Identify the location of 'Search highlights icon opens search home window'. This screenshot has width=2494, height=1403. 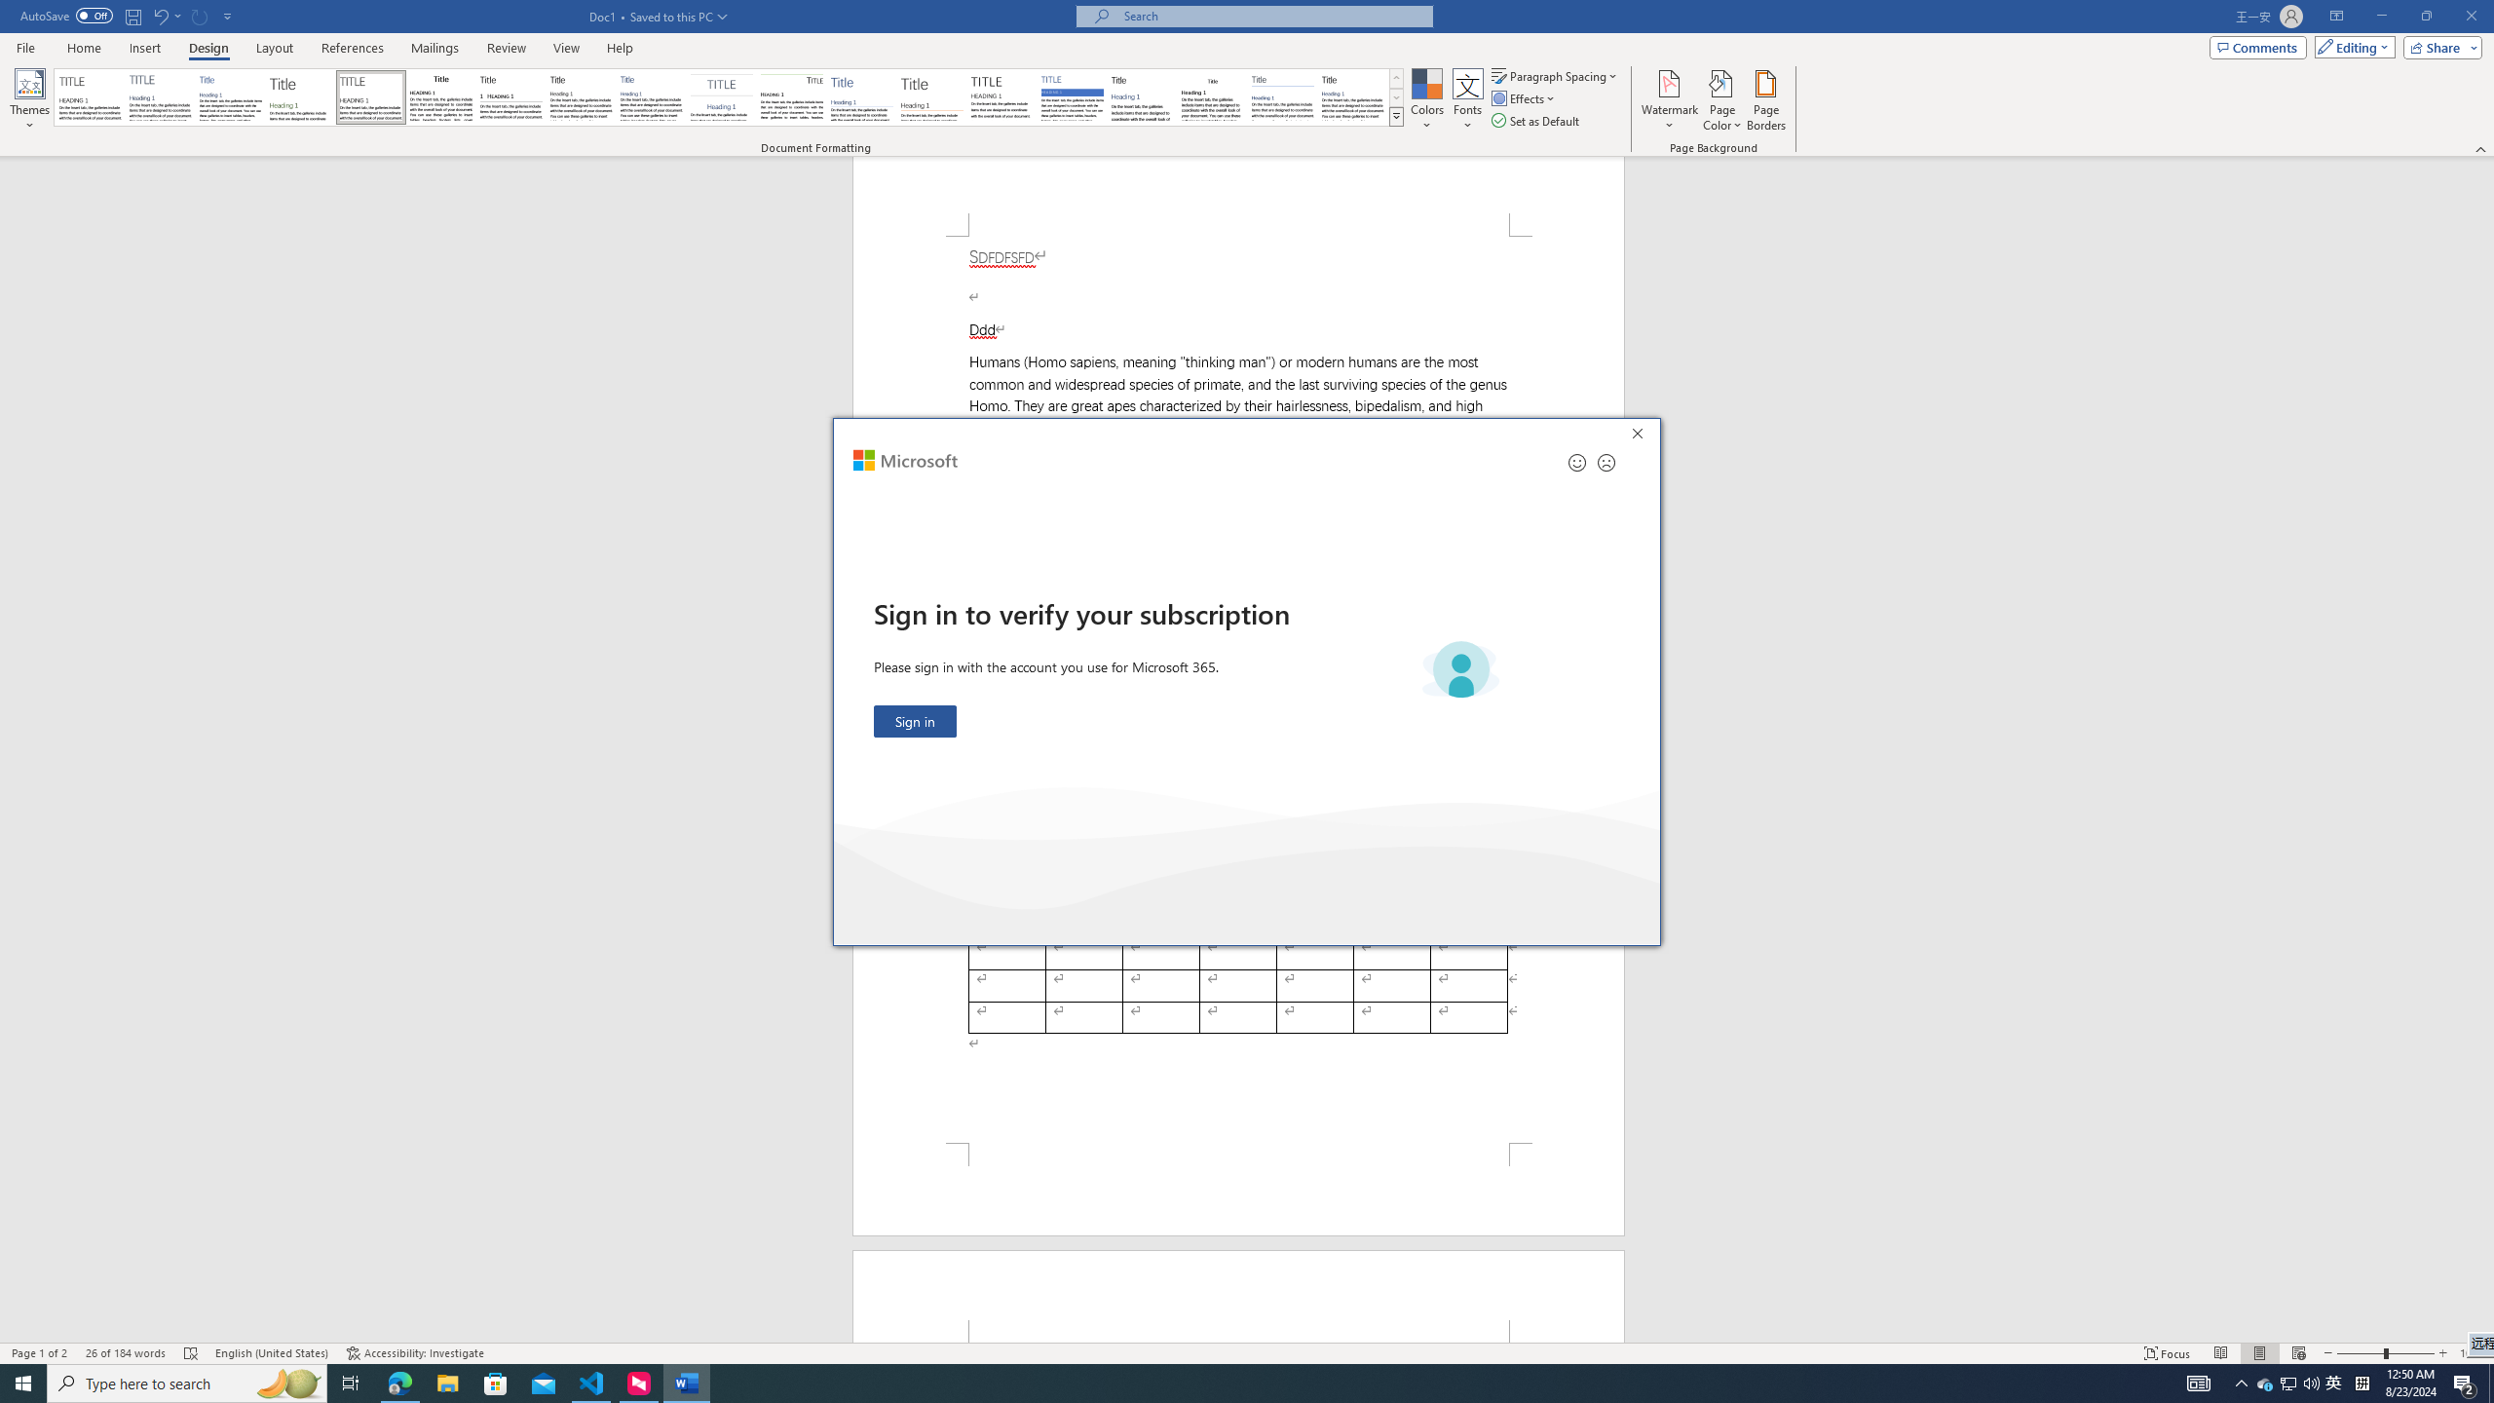
(286, 1382).